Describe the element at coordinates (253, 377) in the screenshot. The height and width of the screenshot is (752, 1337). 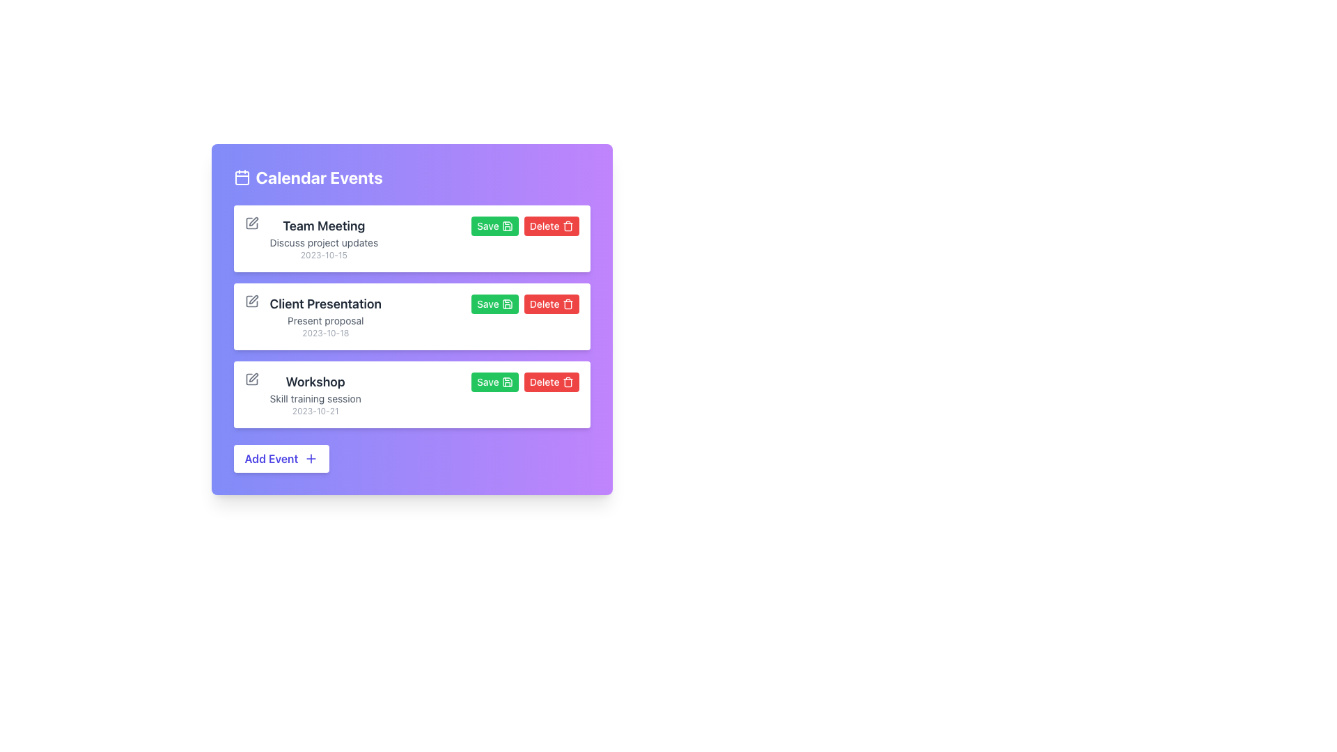
I see `the edit icon located to the left of the 'Workshop' event title in the calendar list to initiate editing` at that location.